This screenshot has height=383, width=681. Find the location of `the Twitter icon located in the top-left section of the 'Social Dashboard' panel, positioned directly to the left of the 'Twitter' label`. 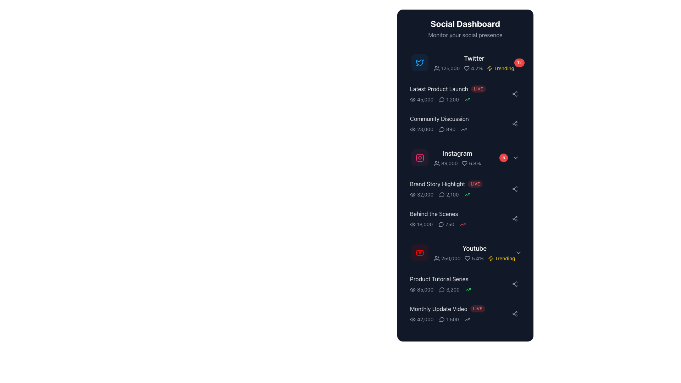

the Twitter icon located in the top-left section of the 'Social Dashboard' panel, positioned directly to the left of the 'Twitter' label is located at coordinates (420, 62).